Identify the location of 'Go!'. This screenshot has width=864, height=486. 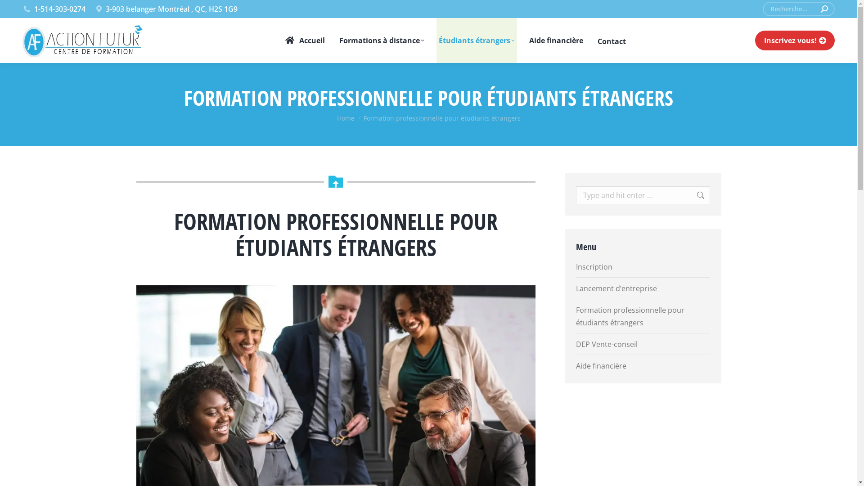
(691, 195).